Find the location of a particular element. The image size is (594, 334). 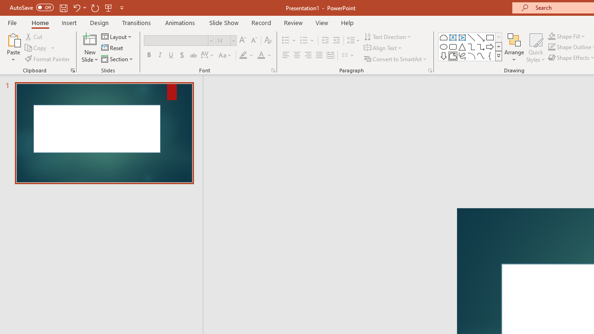

'Shape Outline Blue, Accent 1' is located at coordinates (552, 47).